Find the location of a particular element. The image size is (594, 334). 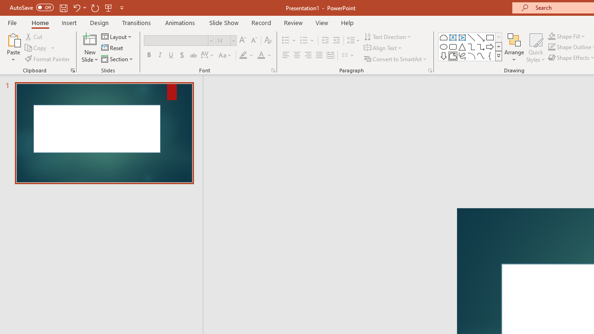

'Shape Outline Blue, Accent 1' is located at coordinates (552, 47).